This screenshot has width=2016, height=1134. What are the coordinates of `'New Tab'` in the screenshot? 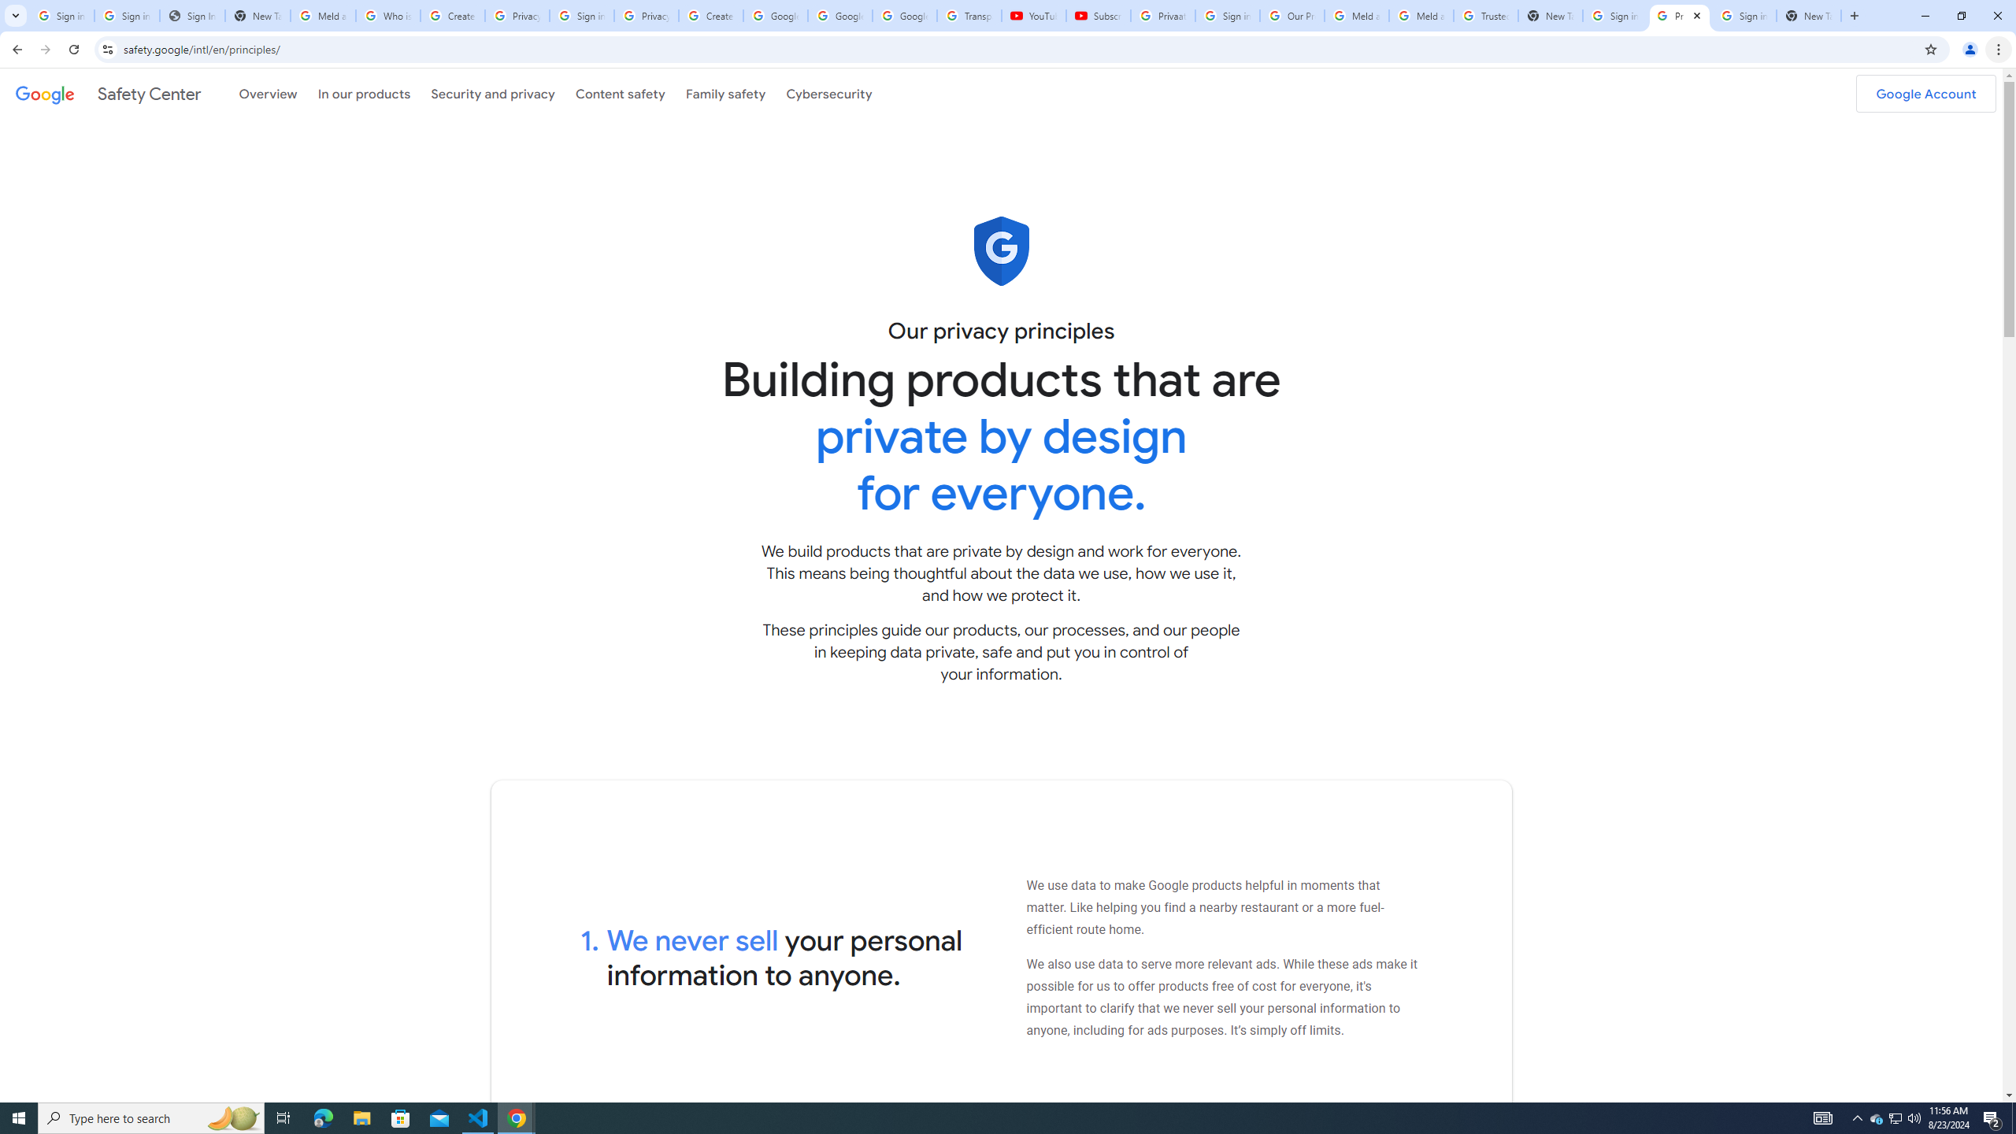 It's located at (1808, 15).